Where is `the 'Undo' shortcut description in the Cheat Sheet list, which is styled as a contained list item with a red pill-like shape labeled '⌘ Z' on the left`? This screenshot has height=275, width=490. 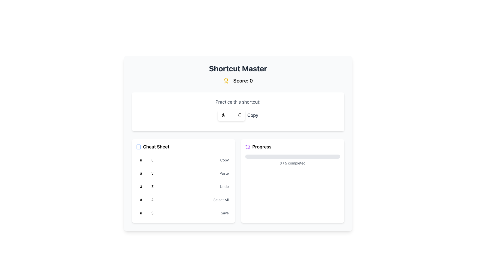
the 'Undo' shortcut description in the Cheat Sheet list, which is styled as a contained list item with a red pill-like shape labeled '⌘ Z' on the left is located at coordinates (183, 186).